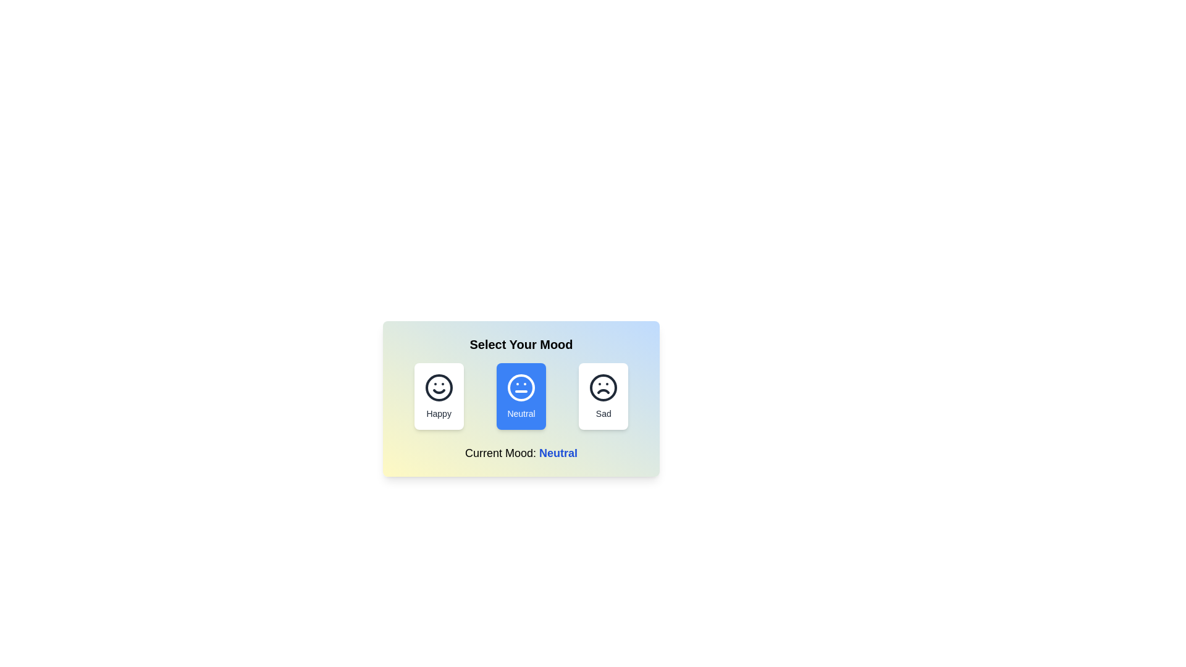 This screenshot has height=667, width=1186. What do you see at coordinates (521, 453) in the screenshot?
I see `the text content of the element displaying the current mood` at bounding box center [521, 453].